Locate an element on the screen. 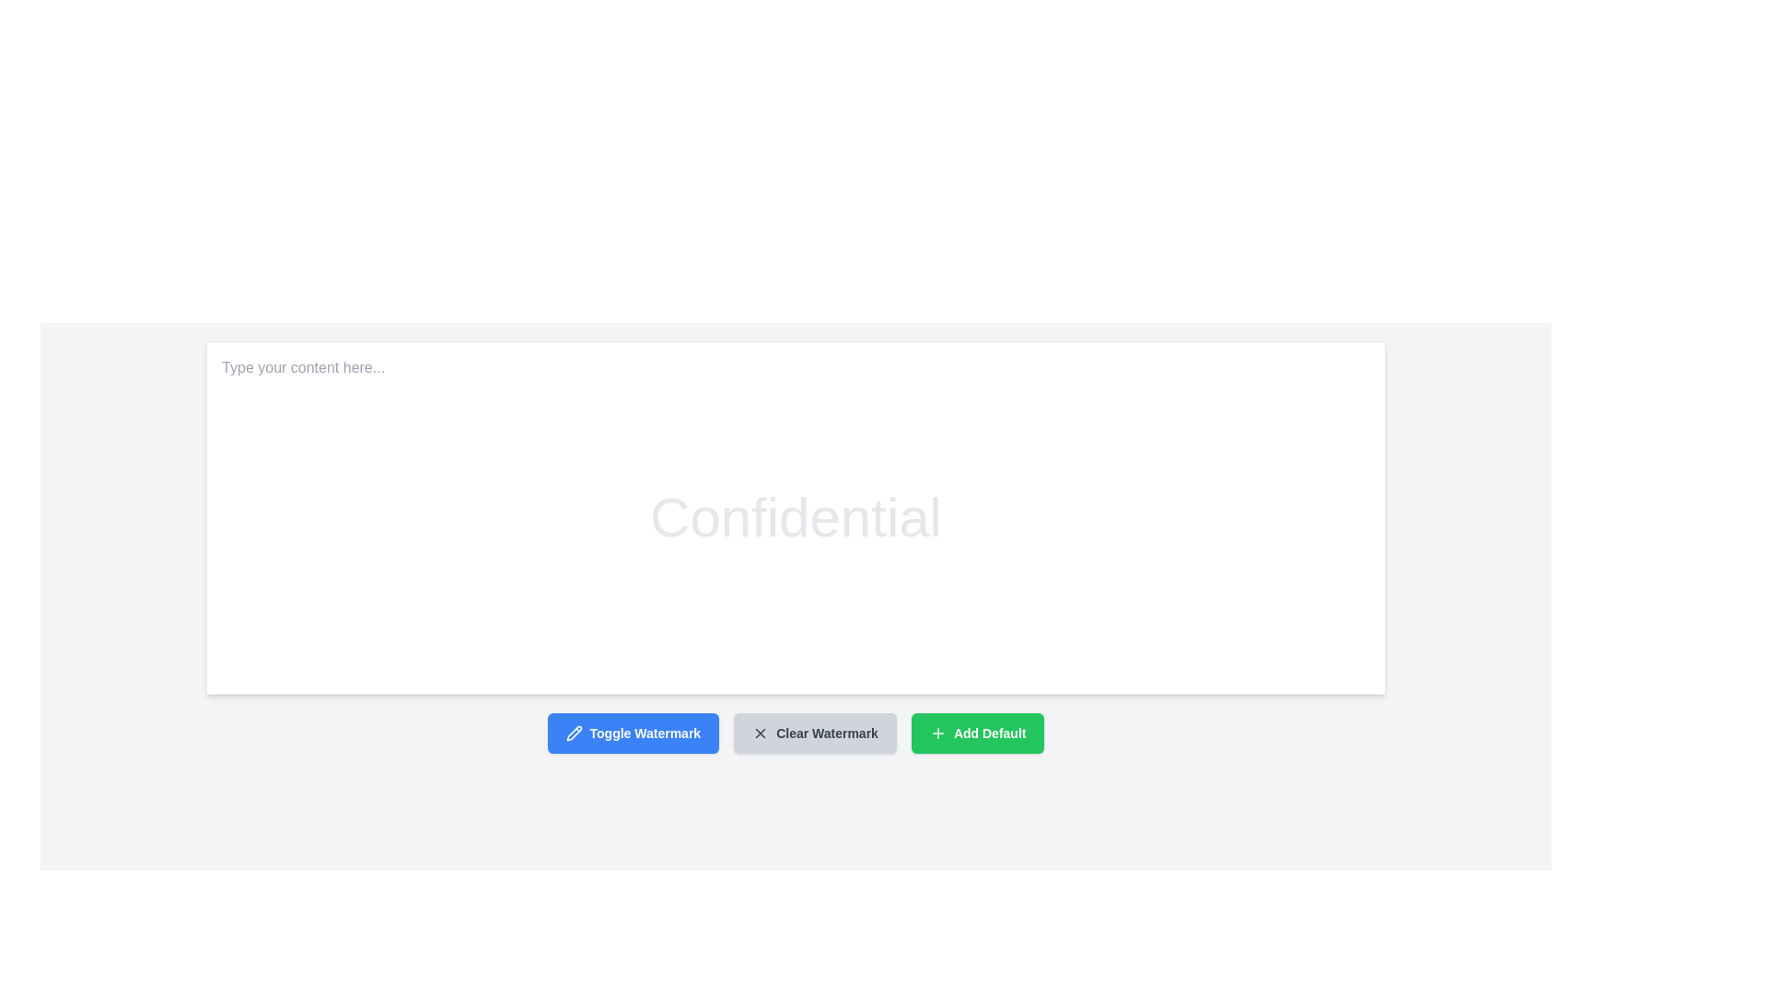 This screenshot has width=1768, height=994. the icon located on the left side of the text label within the 'Add Default' button at the bottom-right section of the interface is located at coordinates (937, 733).